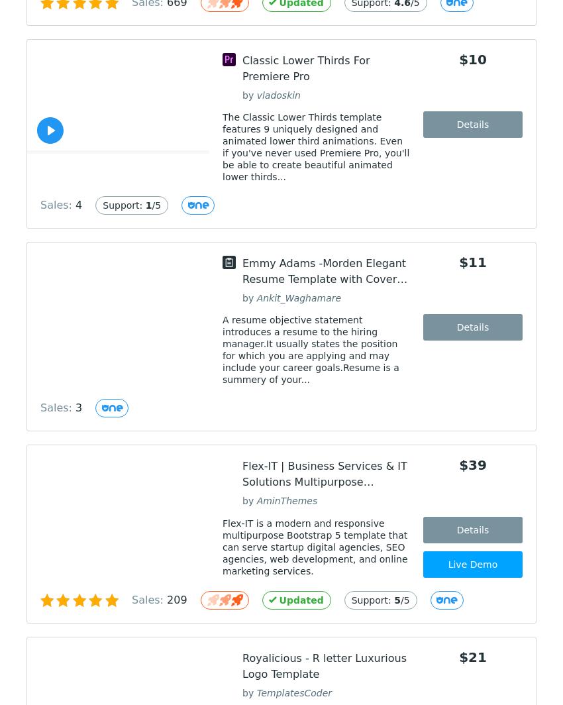 The width and height of the screenshot is (563, 705). I want to click on 'Royalicious - R letter Luxurious Logo Template', so click(325, 666).